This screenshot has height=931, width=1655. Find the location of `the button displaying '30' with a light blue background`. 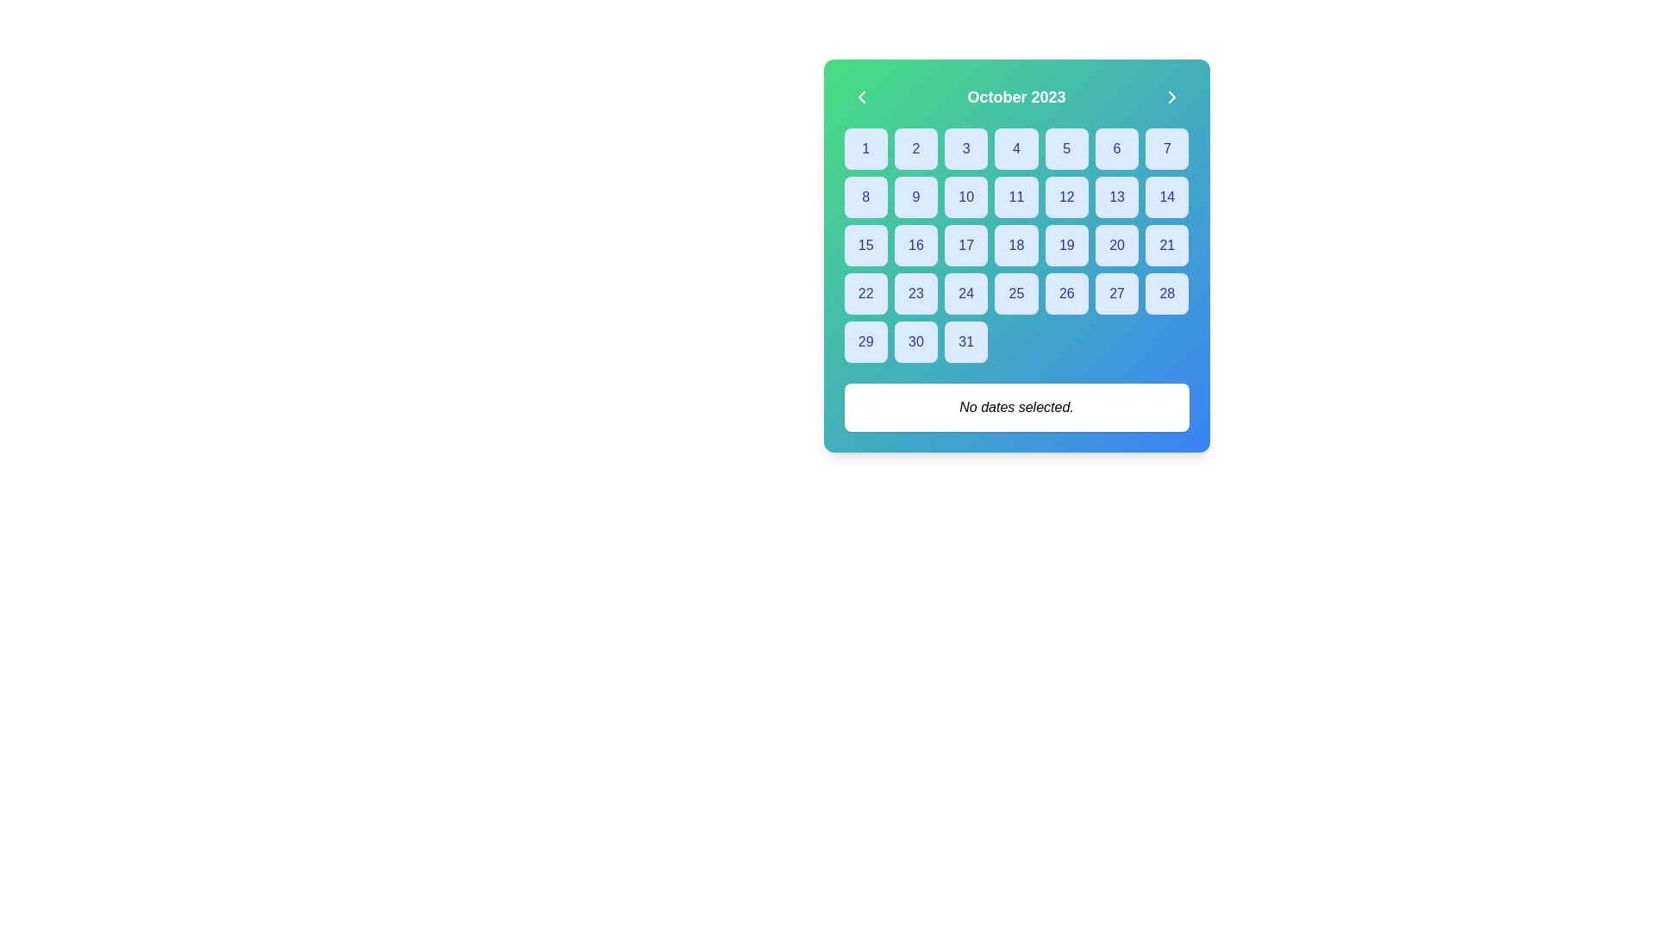

the button displaying '30' with a light blue background is located at coordinates (915, 342).